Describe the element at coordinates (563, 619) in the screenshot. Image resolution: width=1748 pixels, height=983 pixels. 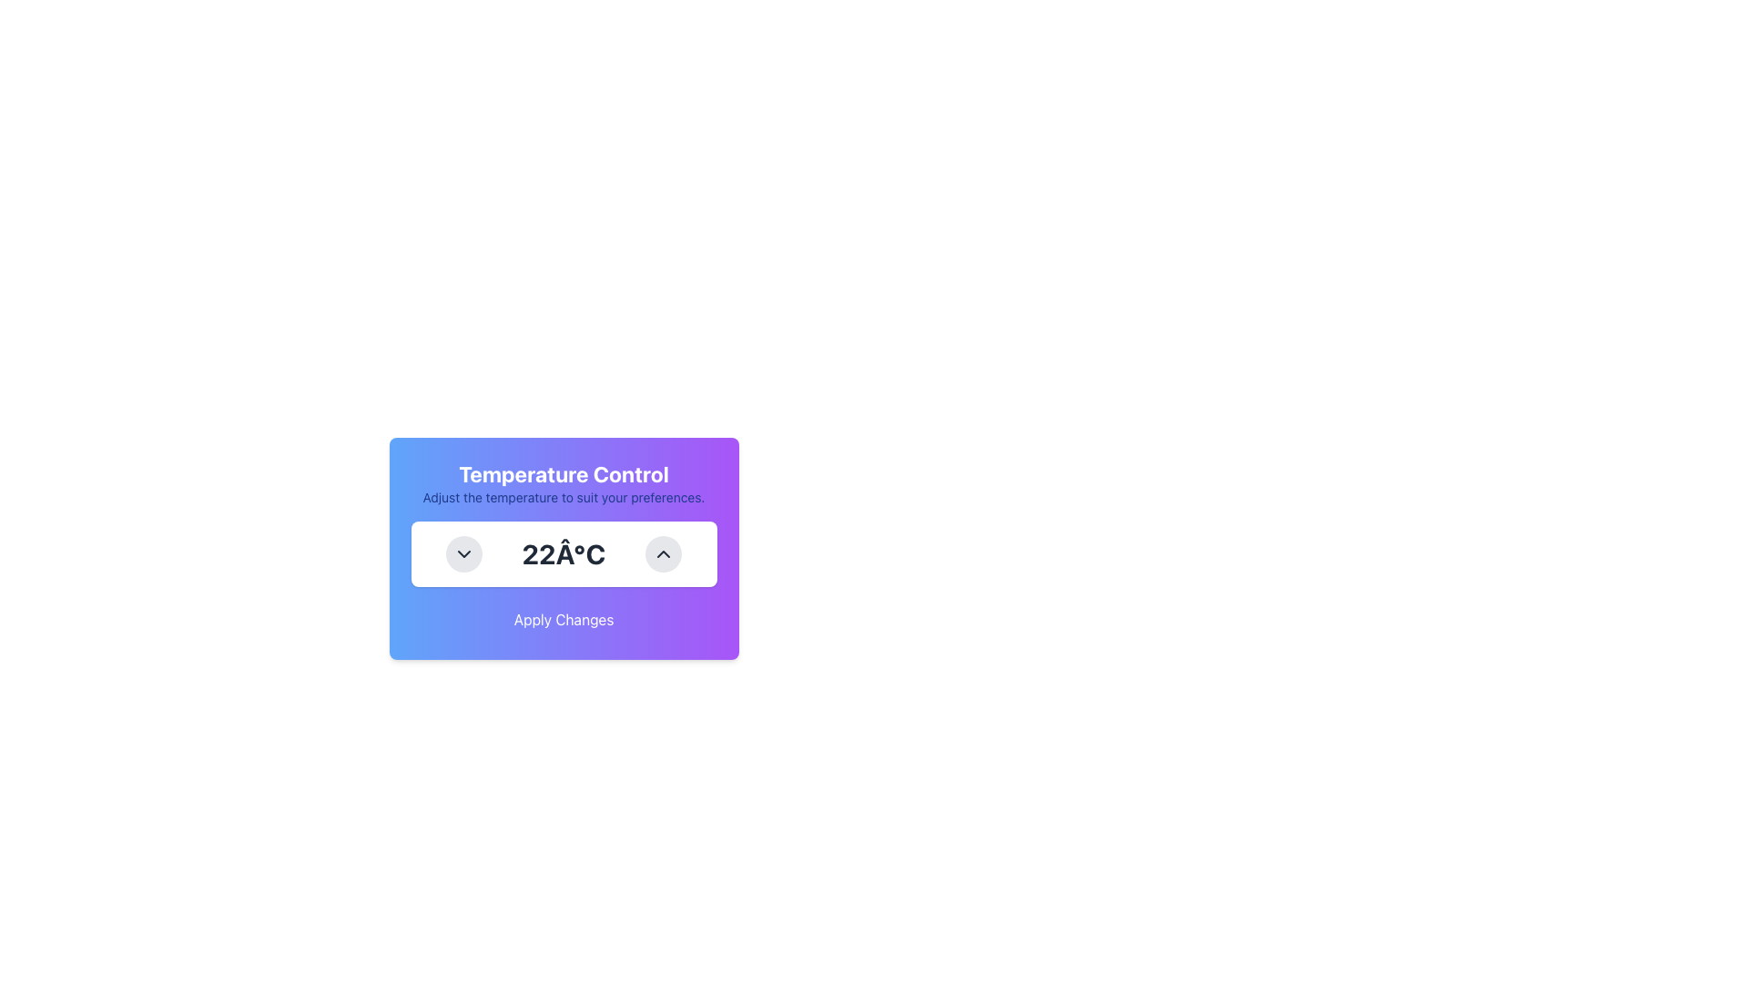
I see `the 'Apply Changes' button, which is a rectangular button with a gradient from light blue to purple, located at the bottom of the 'Temperature Control' card` at that location.